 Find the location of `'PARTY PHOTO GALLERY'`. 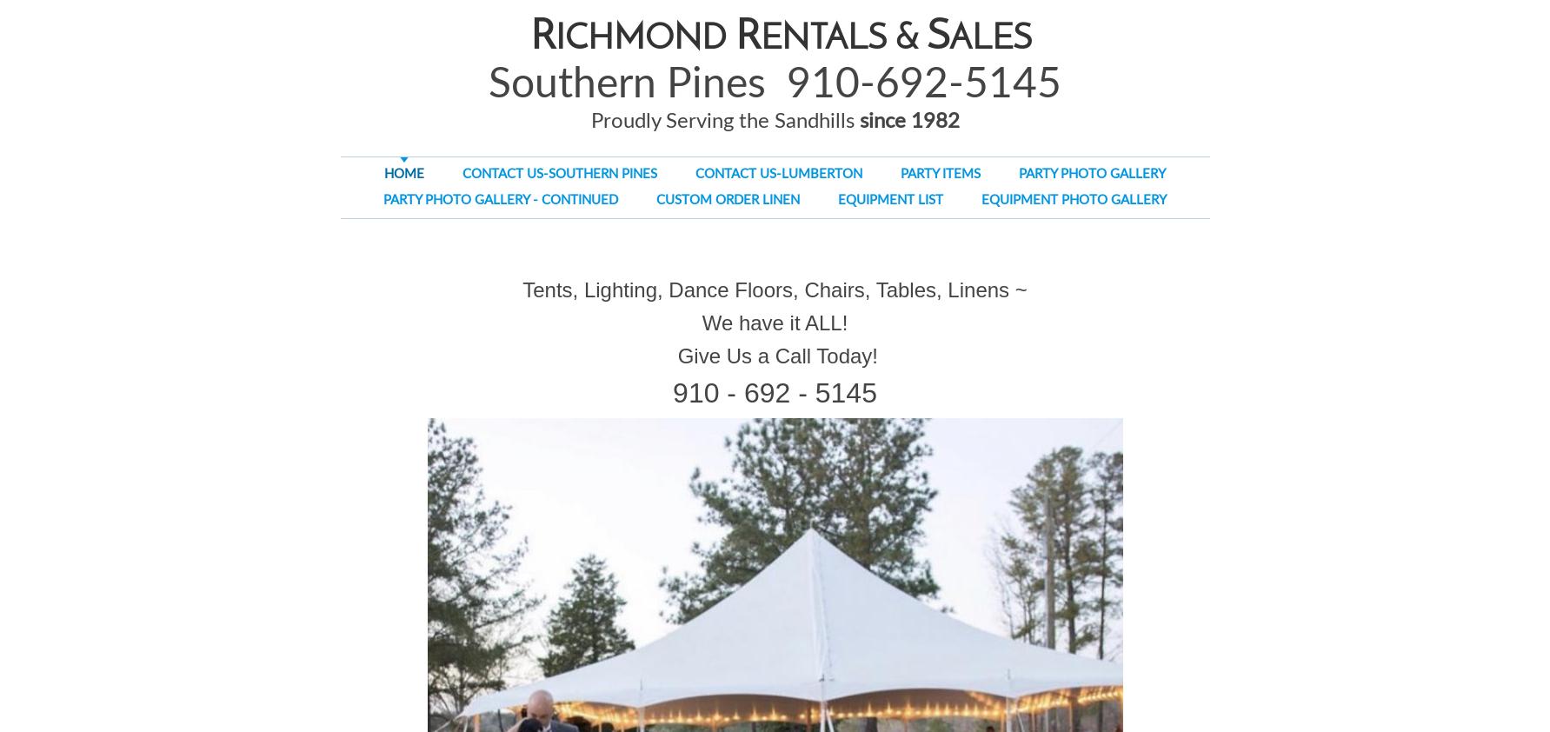

'PARTY PHOTO GALLERY' is located at coordinates (1017, 173).